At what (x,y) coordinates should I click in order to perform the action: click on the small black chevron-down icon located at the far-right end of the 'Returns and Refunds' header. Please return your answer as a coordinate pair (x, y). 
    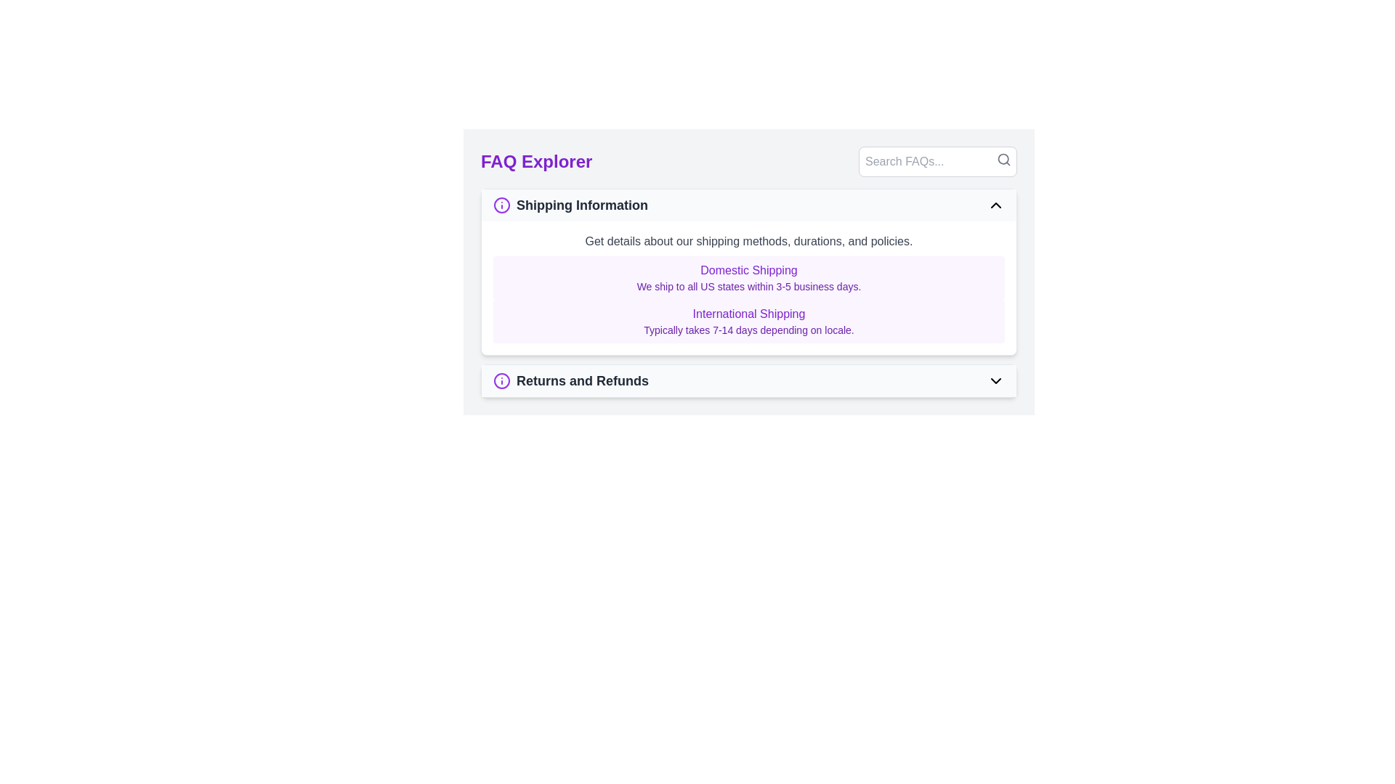
    Looking at the image, I should click on (995, 380).